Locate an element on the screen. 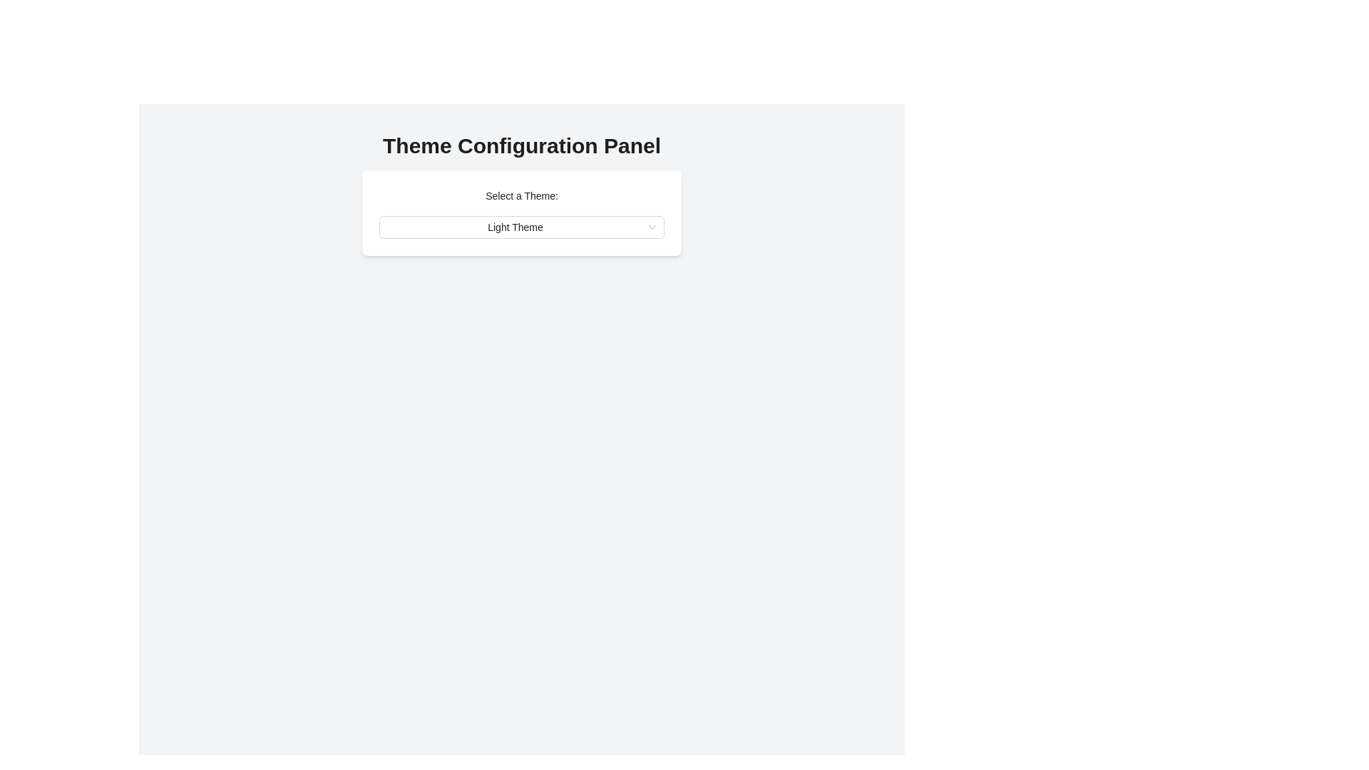  the dropdown menu in the 'Theme Configuration Panel' is located at coordinates (521, 227).